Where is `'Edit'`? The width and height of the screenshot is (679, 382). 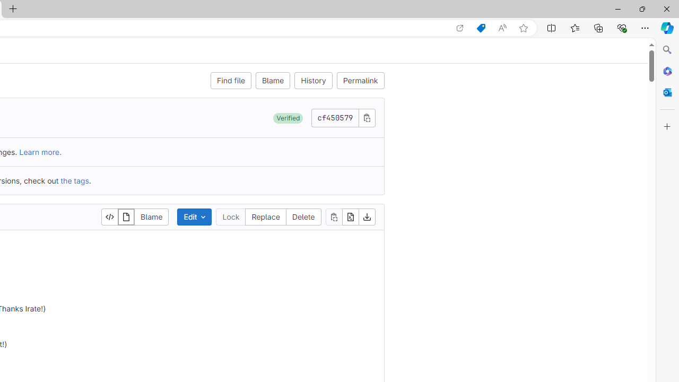 'Edit' is located at coordinates (194, 216).